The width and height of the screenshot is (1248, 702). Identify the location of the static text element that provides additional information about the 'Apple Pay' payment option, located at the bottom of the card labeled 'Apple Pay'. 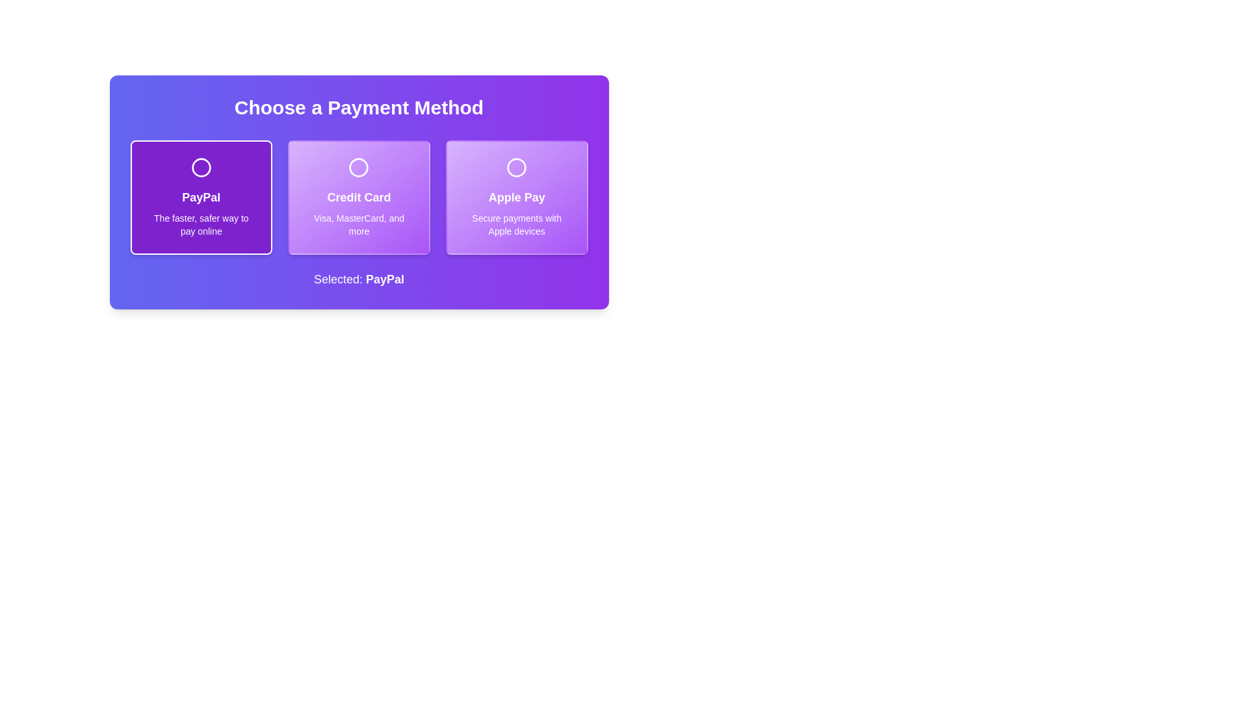
(516, 224).